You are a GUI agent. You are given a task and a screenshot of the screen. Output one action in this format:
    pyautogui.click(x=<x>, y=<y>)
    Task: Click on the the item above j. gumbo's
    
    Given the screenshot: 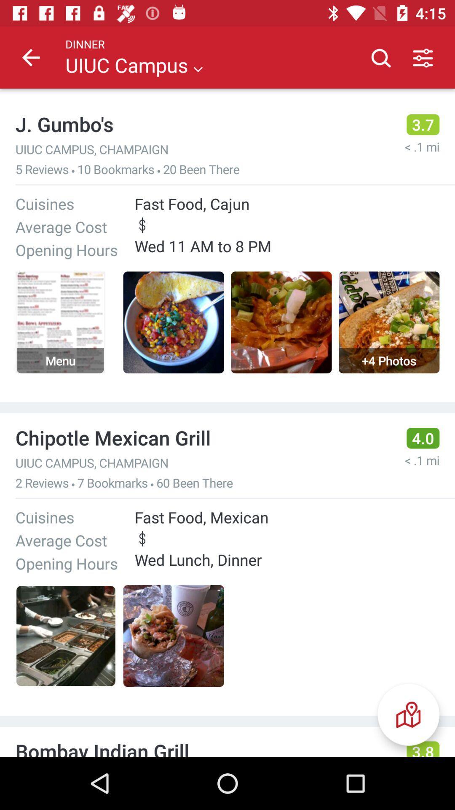 What is the action you would take?
    pyautogui.click(x=30, y=57)
    